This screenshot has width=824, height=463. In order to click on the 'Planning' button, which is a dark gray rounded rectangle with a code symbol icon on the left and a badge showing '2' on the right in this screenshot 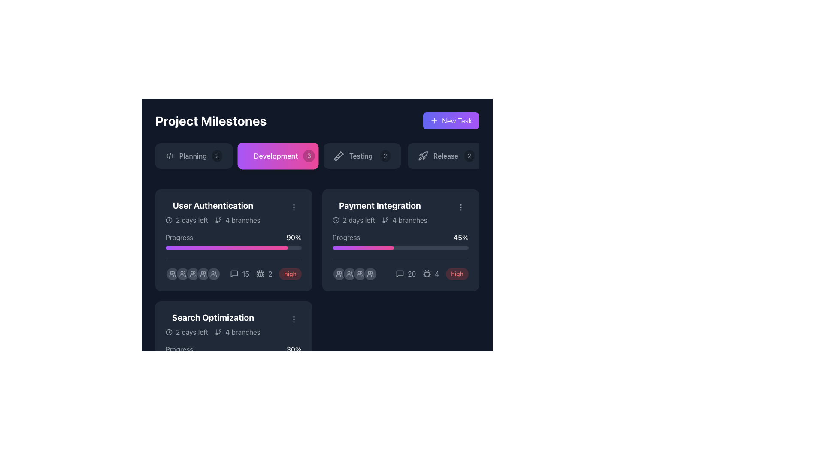, I will do `click(193, 156)`.